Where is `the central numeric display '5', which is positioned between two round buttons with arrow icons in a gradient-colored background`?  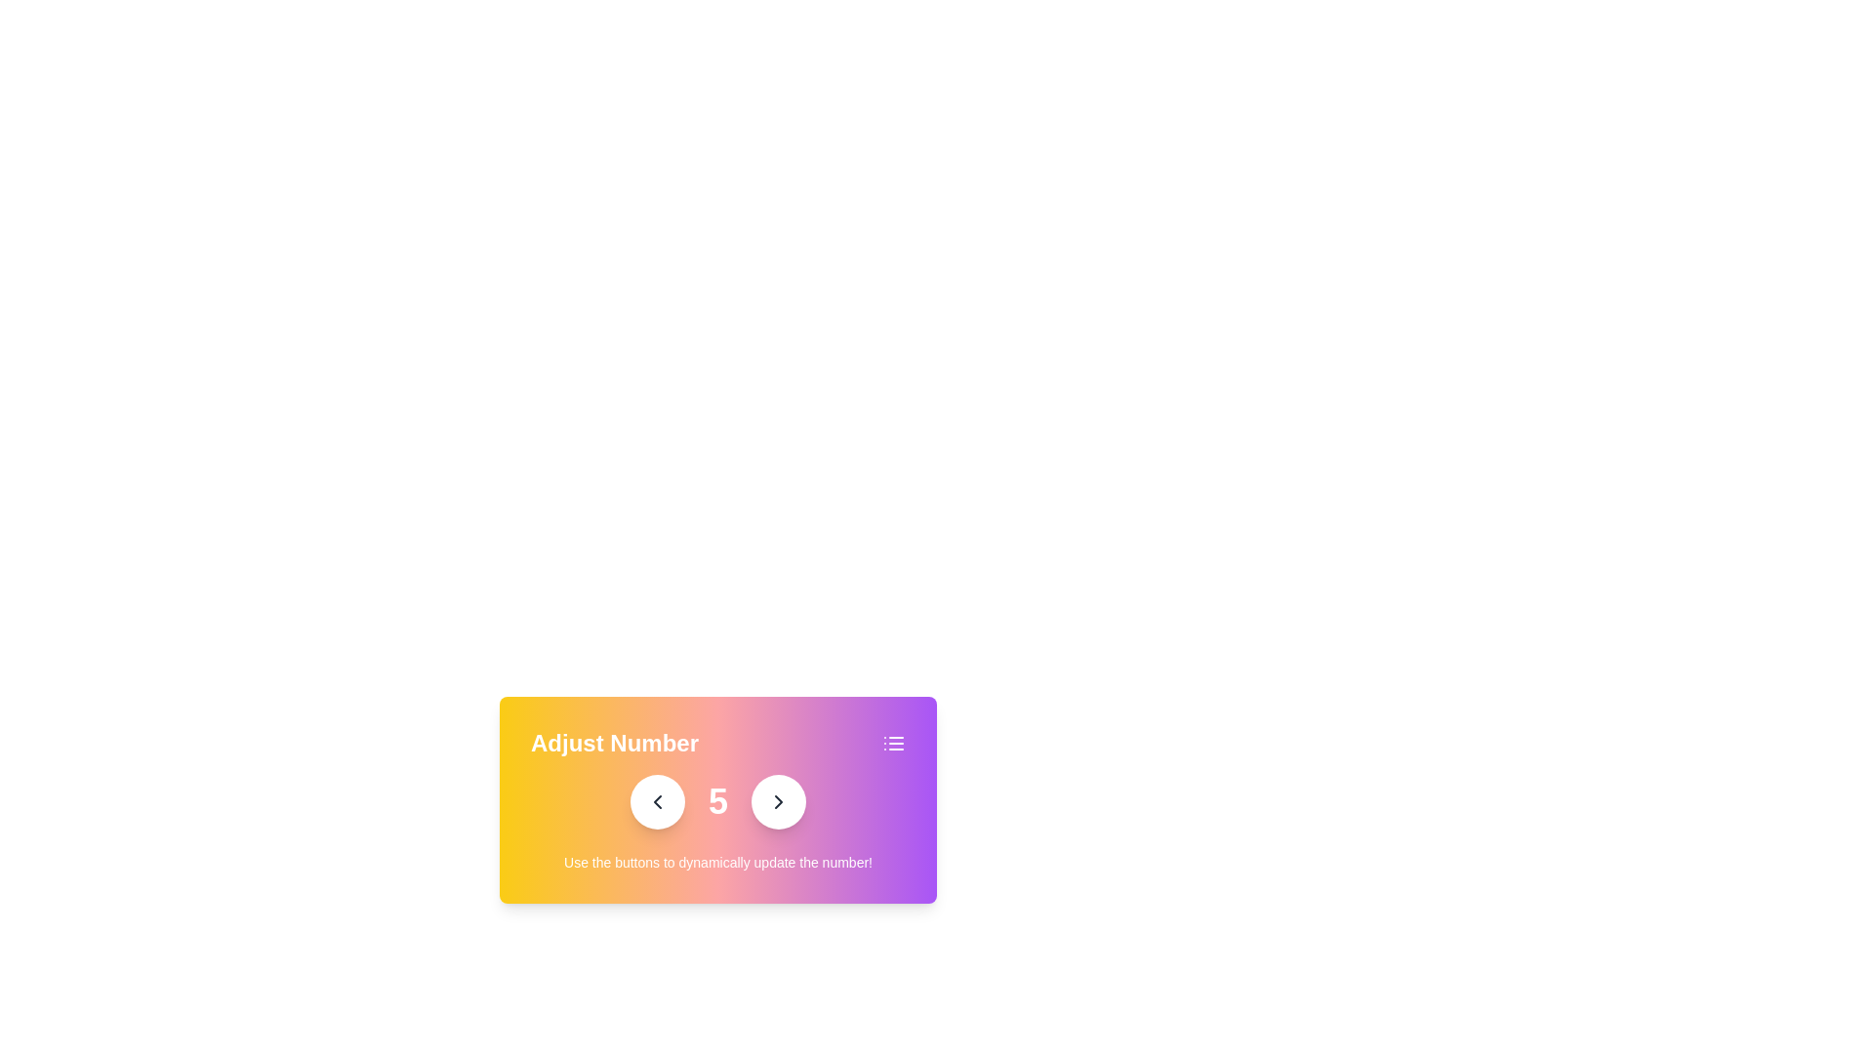
the central numeric display '5', which is positioned between two round buttons with arrow icons in a gradient-colored background is located at coordinates (716, 801).